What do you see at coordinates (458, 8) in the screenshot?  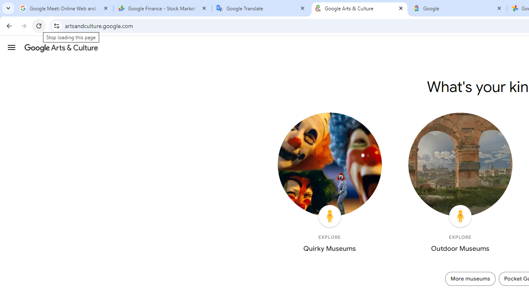 I see `'Google'` at bounding box center [458, 8].